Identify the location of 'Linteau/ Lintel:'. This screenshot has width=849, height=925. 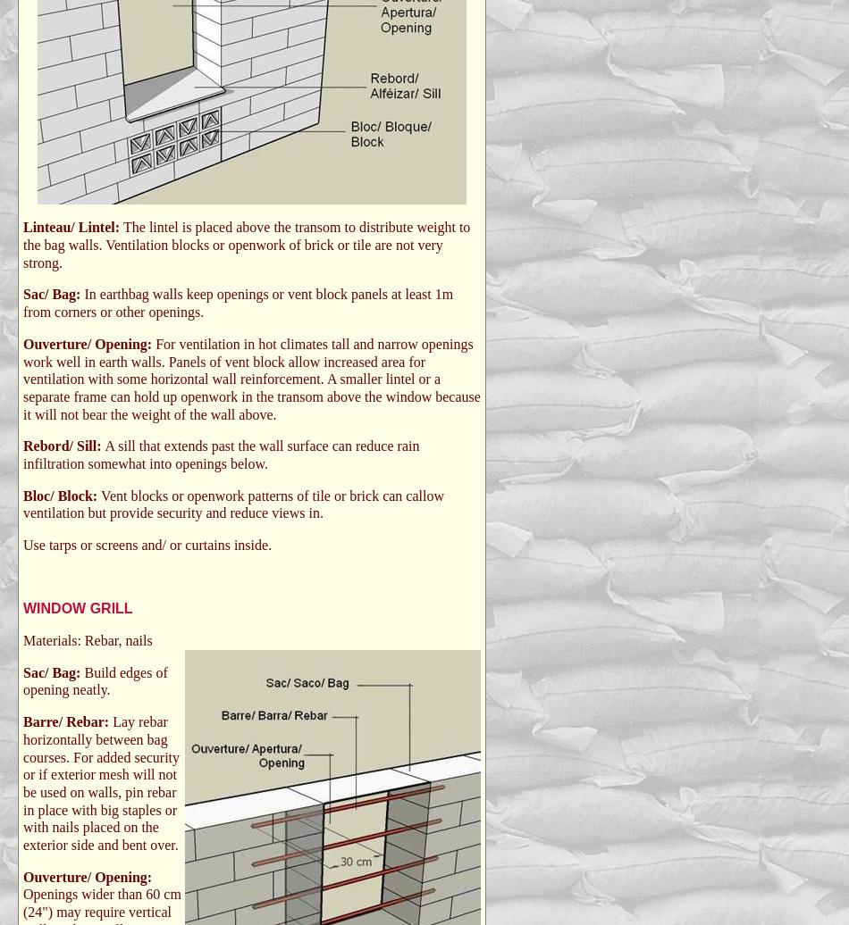
(23, 227).